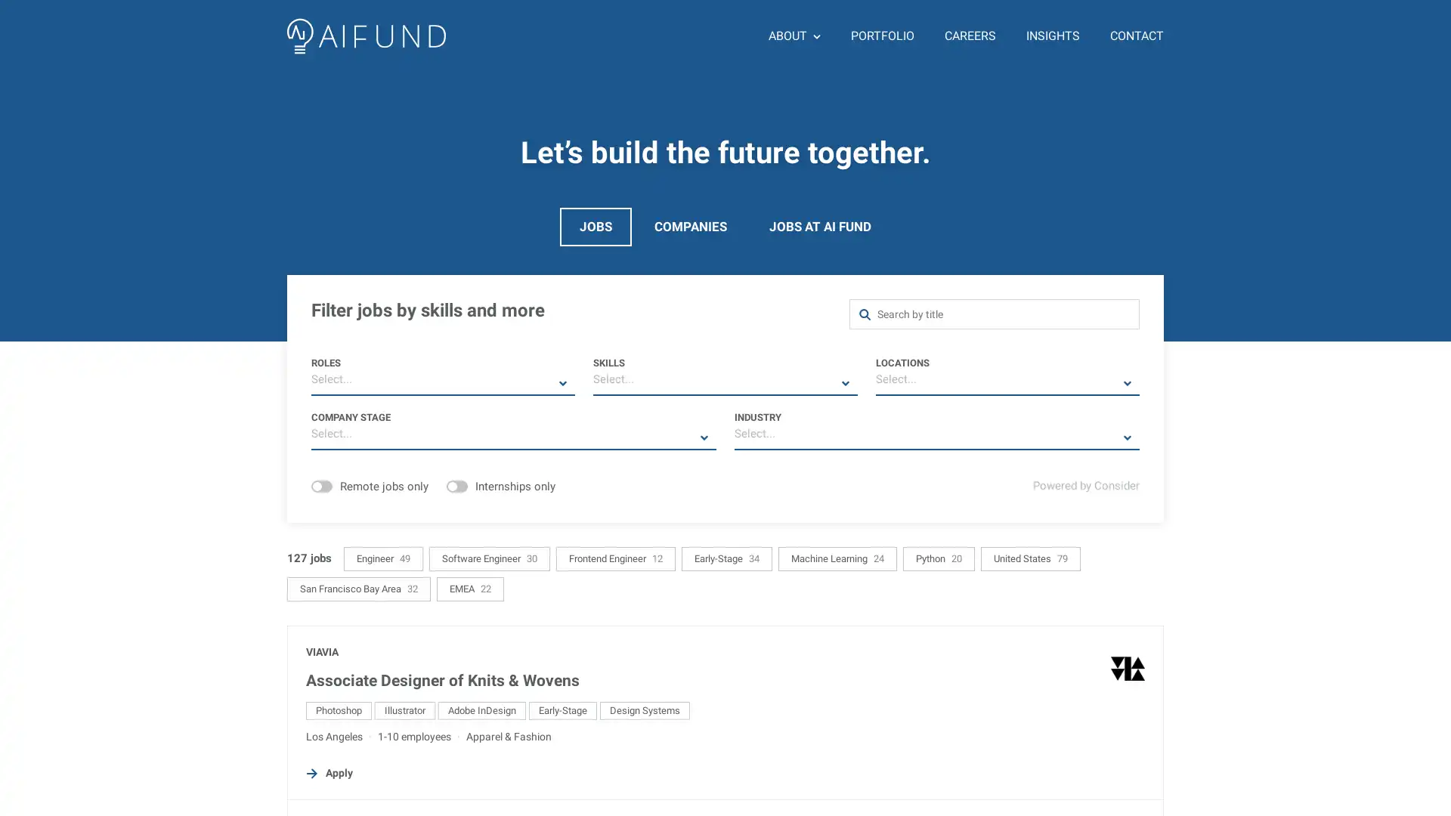 The image size is (1451, 816). I want to click on ROLES Select..., so click(442, 370).